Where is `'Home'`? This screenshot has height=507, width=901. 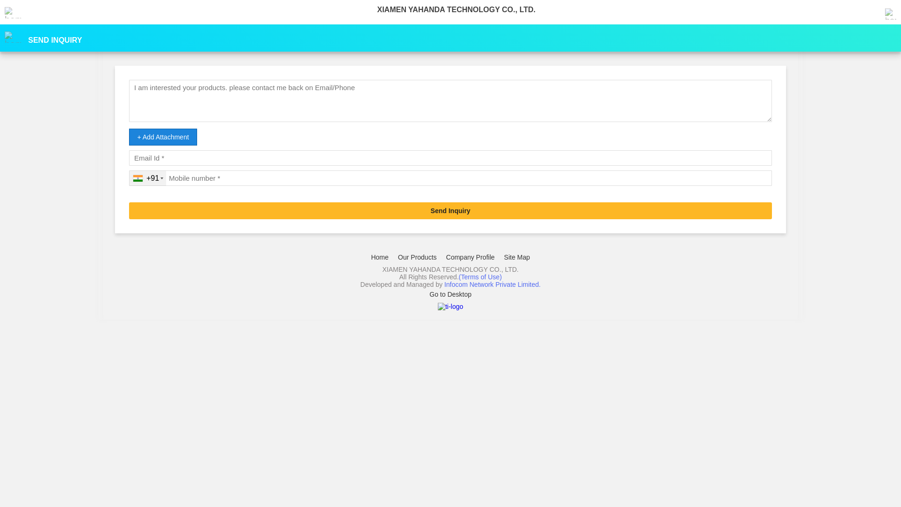
'Home' is located at coordinates (380, 257).